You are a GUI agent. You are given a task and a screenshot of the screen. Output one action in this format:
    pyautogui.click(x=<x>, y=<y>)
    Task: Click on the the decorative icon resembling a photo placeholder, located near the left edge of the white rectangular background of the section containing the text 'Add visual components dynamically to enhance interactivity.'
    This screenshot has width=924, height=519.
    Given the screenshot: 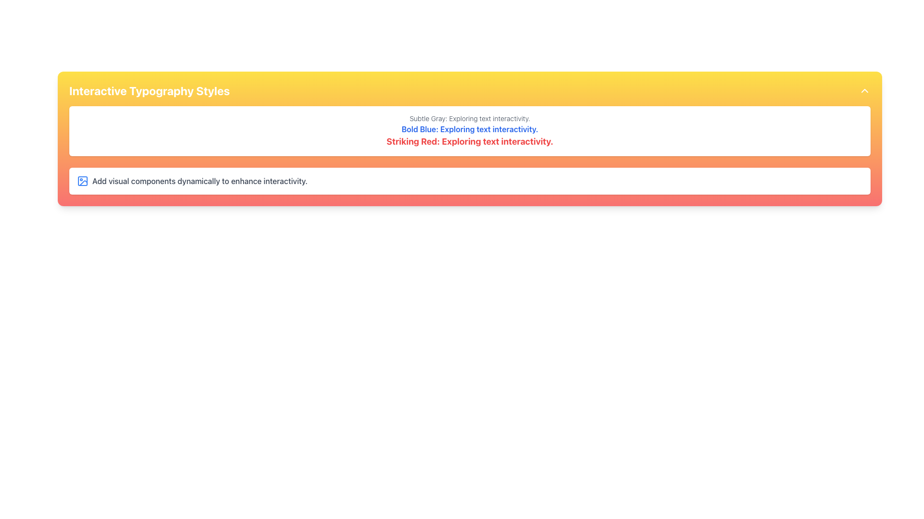 What is the action you would take?
    pyautogui.click(x=83, y=181)
    